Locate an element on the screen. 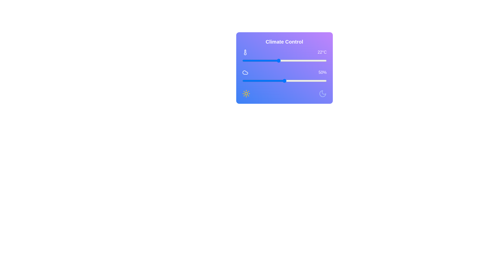 Image resolution: width=483 pixels, height=272 pixels. the slider is located at coordinates (305, 80).